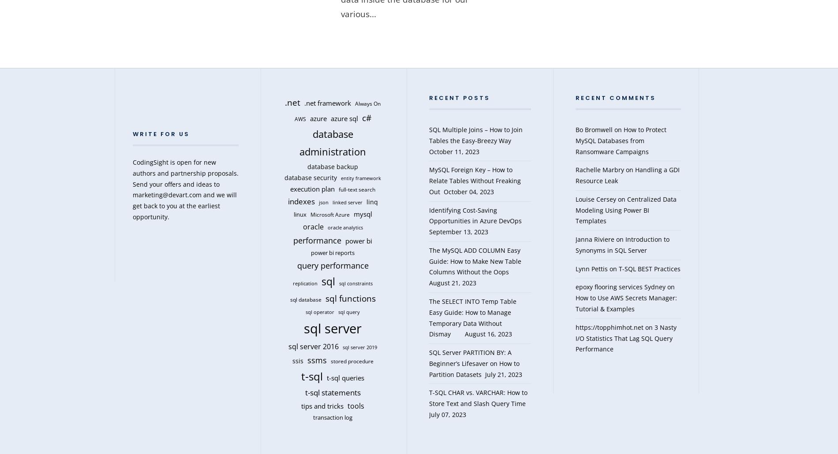  What do you see at coordinates (332, 417) in the screenshot?
I see `'transaction log'` at bounding box center [332, 417].